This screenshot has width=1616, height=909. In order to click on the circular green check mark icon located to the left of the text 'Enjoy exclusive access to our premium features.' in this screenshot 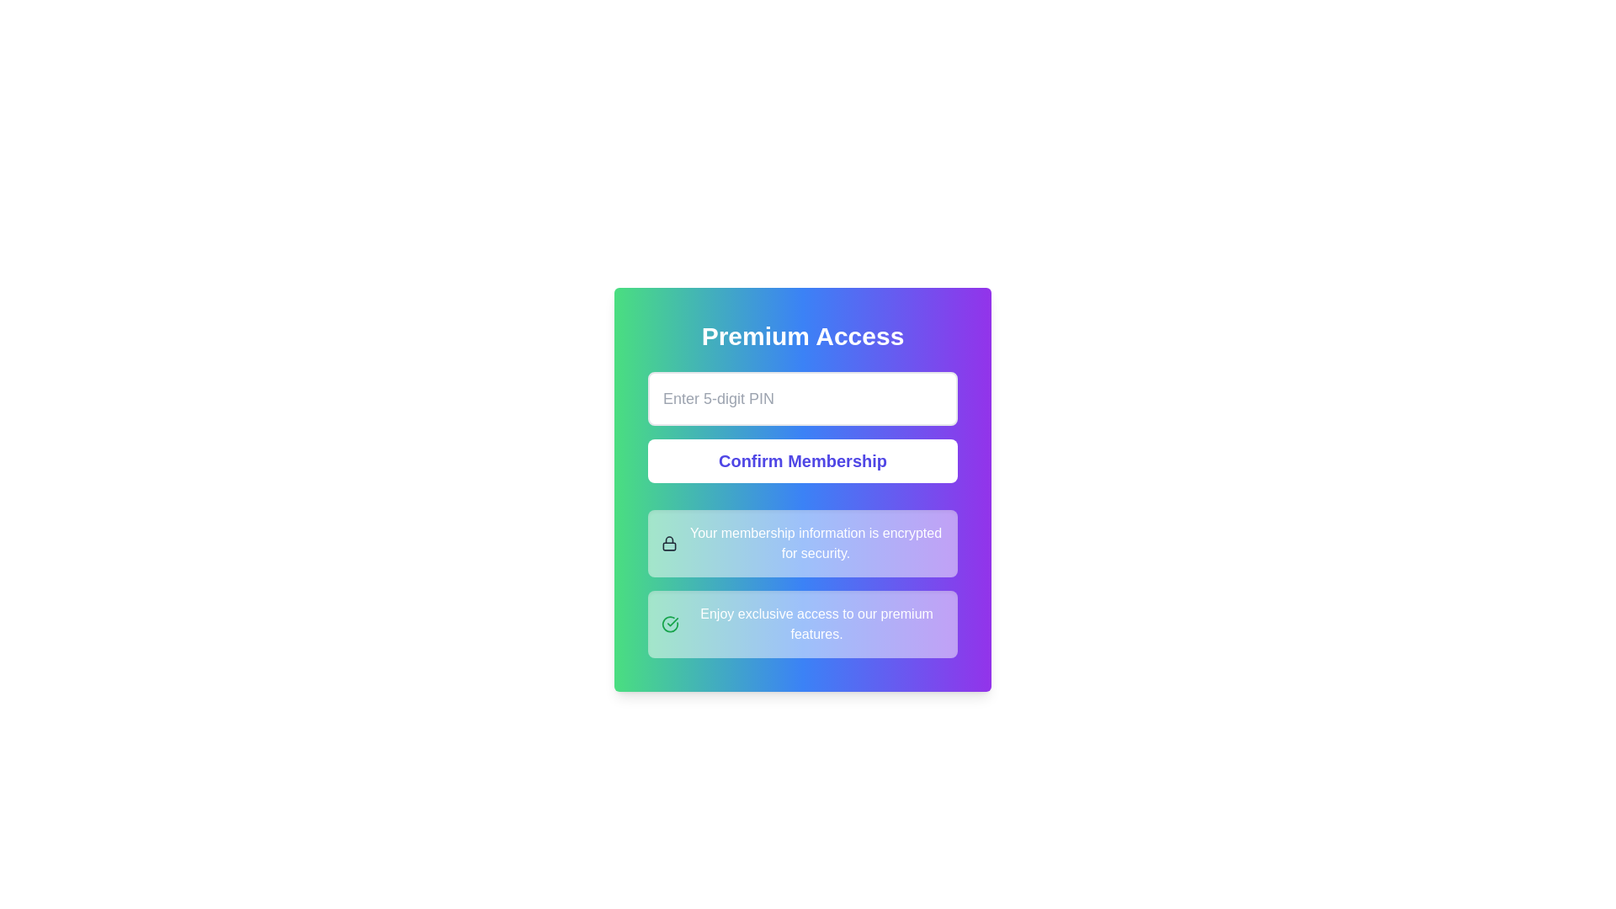, I will do `click(669, 624)`.